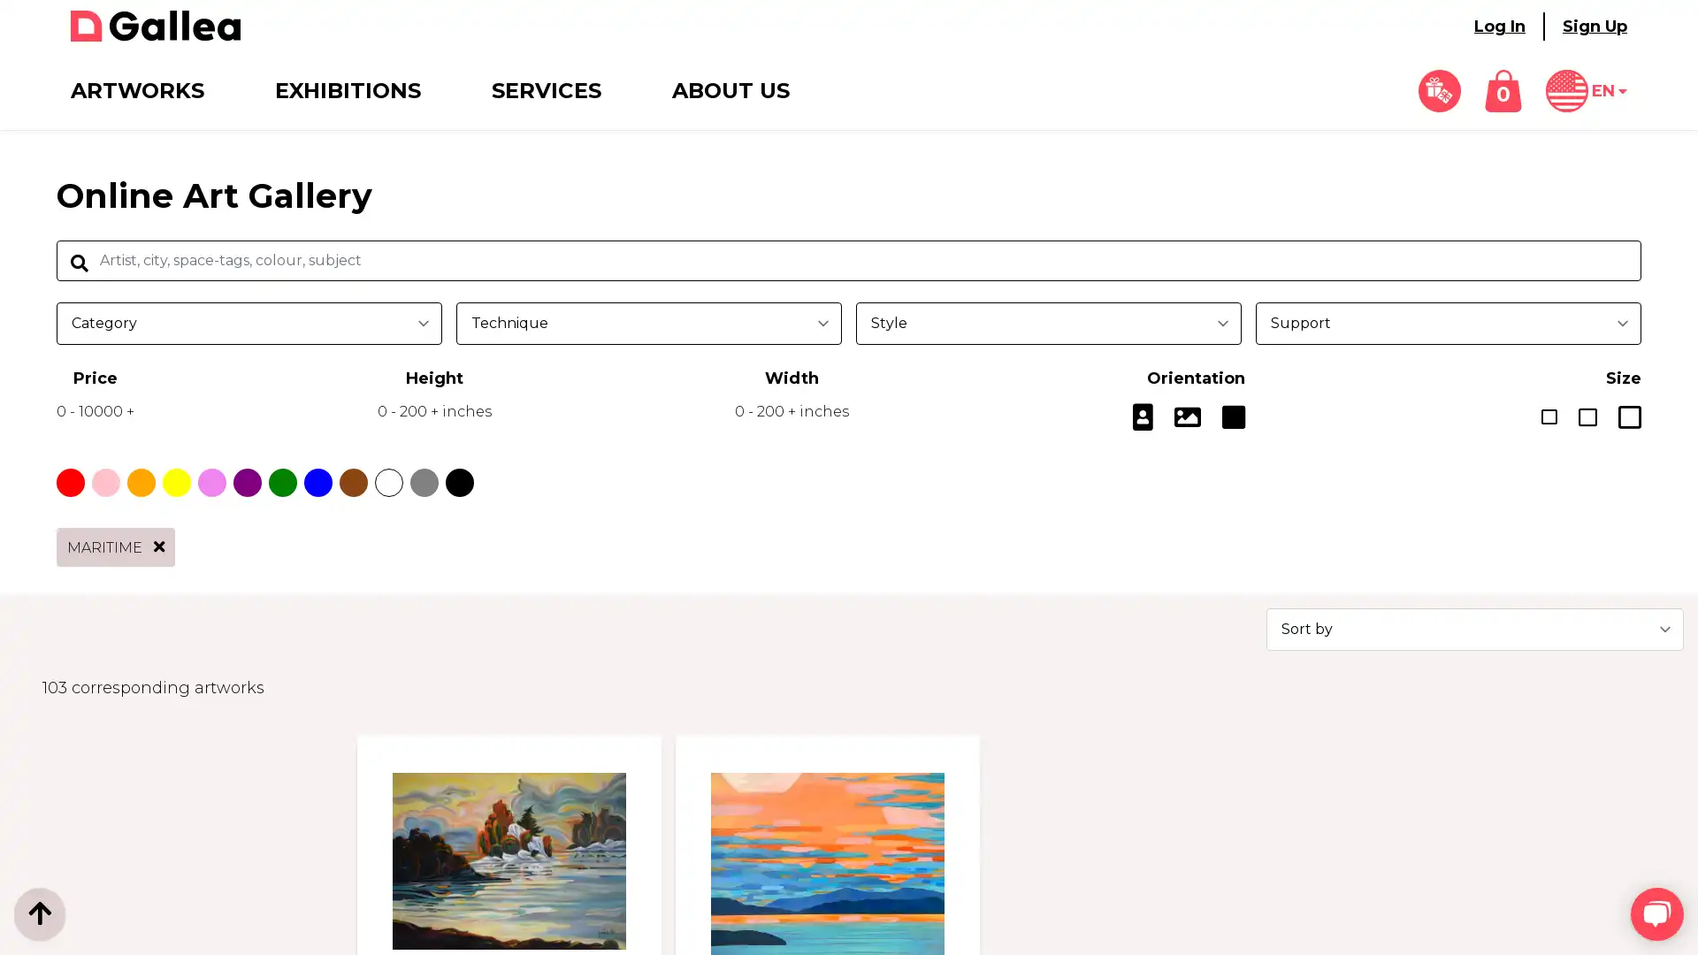 The height and width of the screenshot is (955, 1698). I want to click on EN, so click(1587, 91).